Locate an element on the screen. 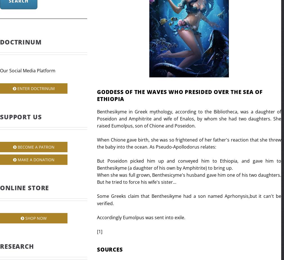 The image size is (284, 260). 'Benthesikyme in Greek mythology, according to the Bibliotheca, was a daughter of Poseidon and Amphitrite and wife of Enalos, by whom she had two daughters. She raised Eumolpus, son of Chione and Poseidon.' is located at coordinates (97, 118).